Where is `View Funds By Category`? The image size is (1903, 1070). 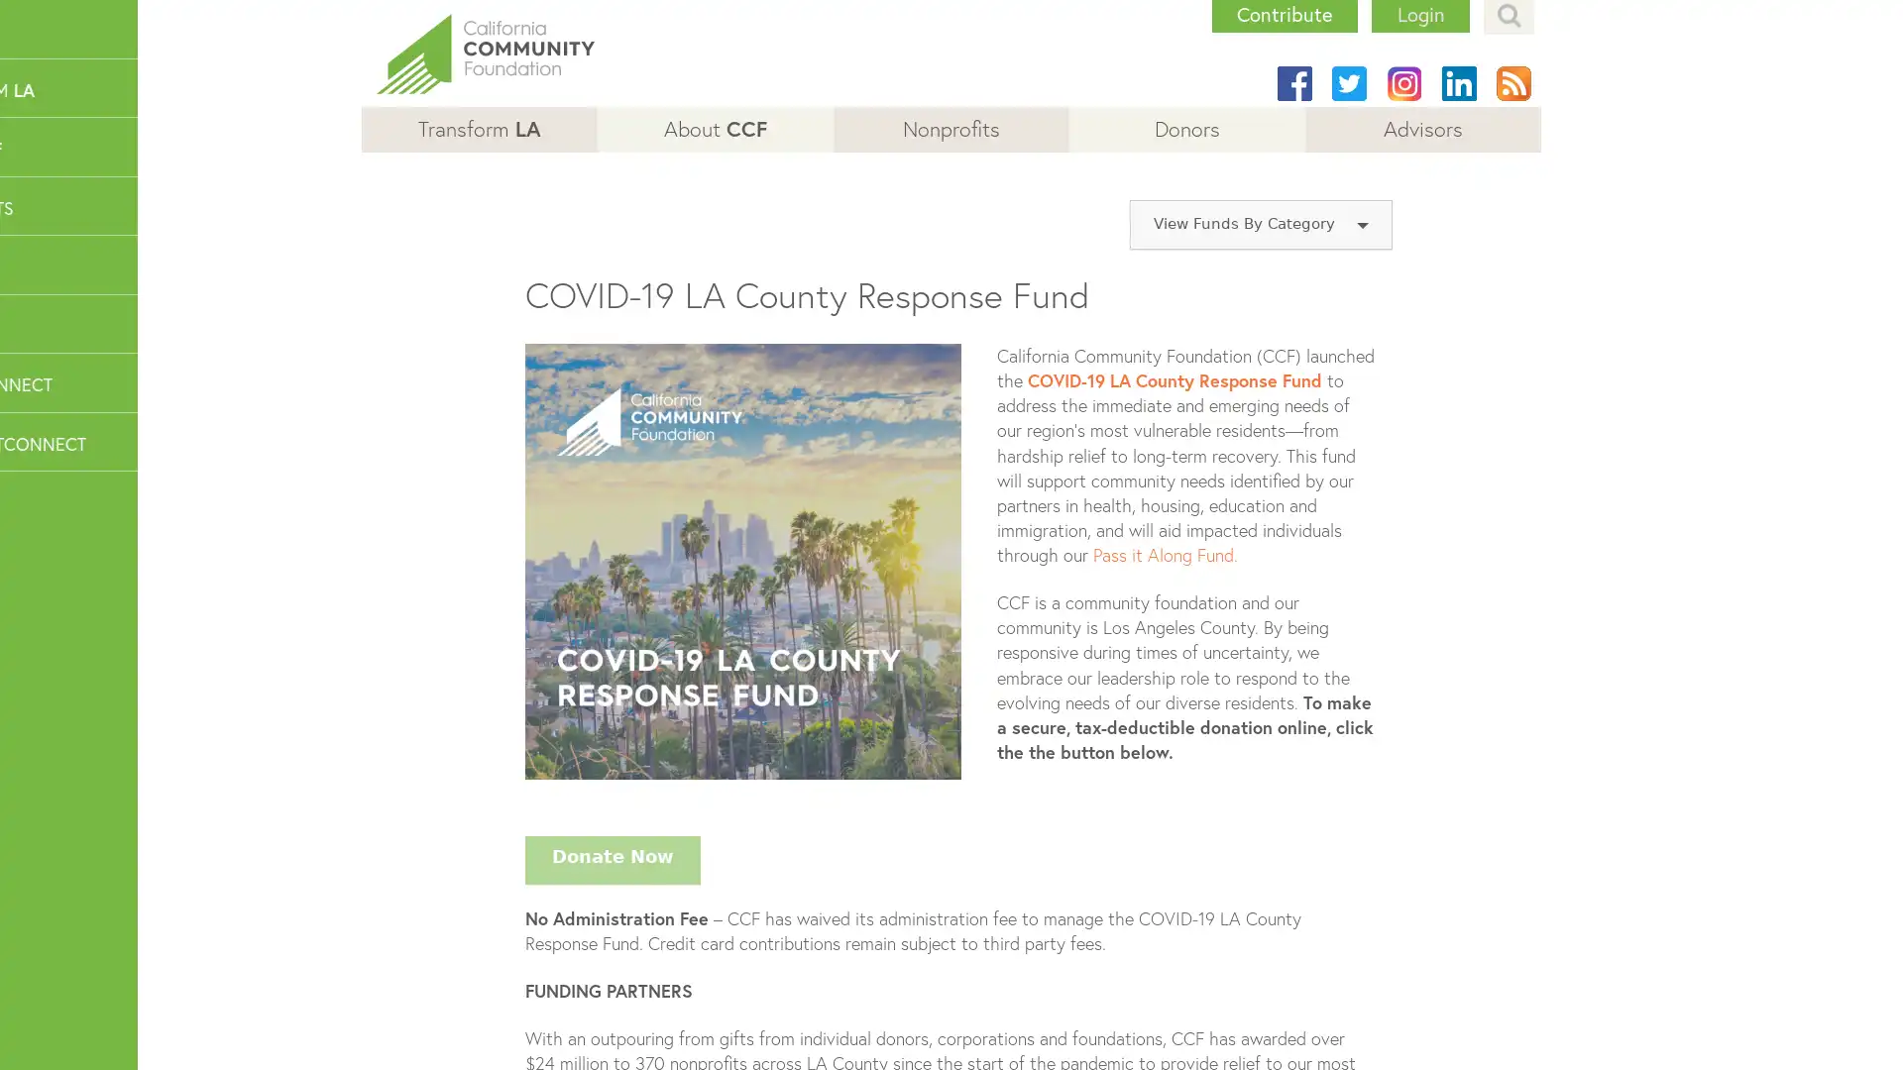 View Funds By Category is located at coordinates (1260, 224).